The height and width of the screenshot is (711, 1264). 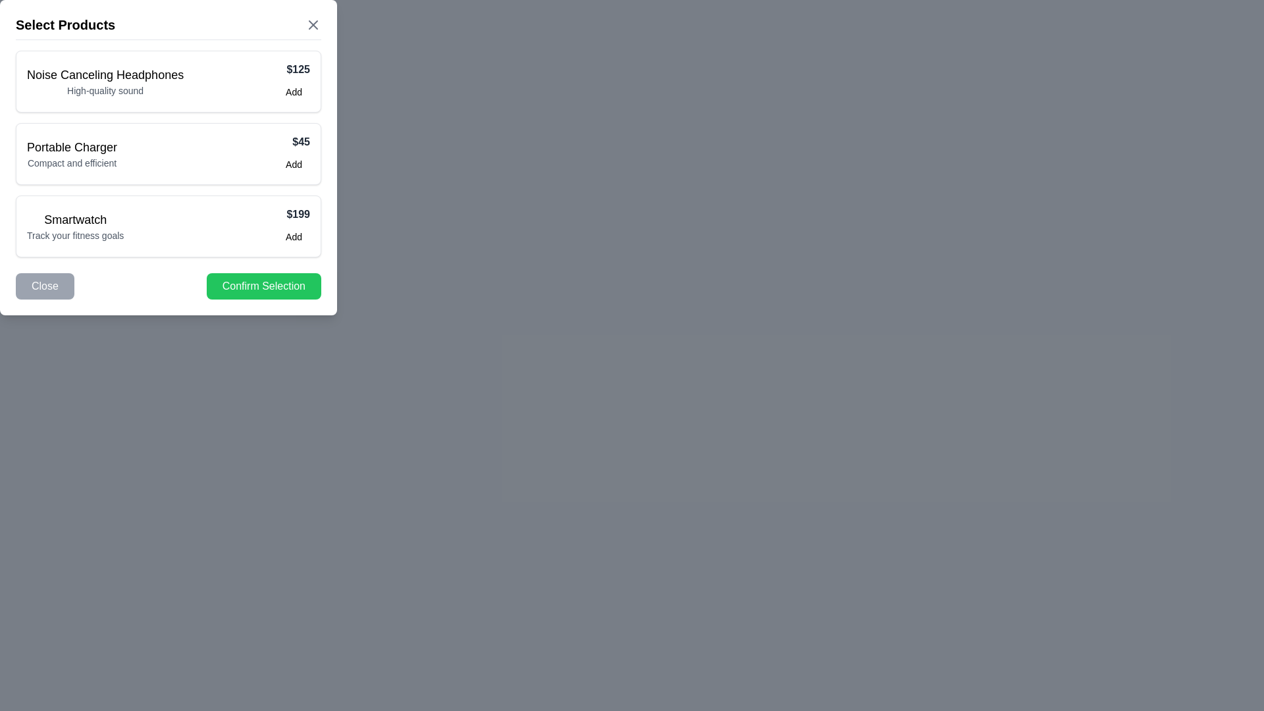 What do you see at coordinates (293, 164) in the screenshot?
I see `the 'Add Portable Charger' button located at the bottom of the section corresponding to the 'Portable Charger' item, which is aligned with the price ('$45') and is the second of three similar 'Add' buttons` at bounding box center [293, 164].